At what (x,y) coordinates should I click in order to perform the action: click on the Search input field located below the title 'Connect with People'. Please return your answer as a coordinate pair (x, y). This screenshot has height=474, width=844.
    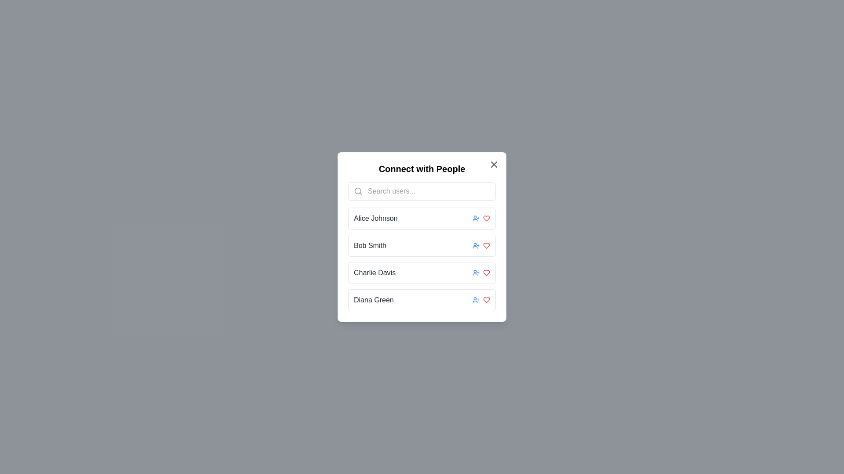
    Looking at the image, I should click on (422, 190).